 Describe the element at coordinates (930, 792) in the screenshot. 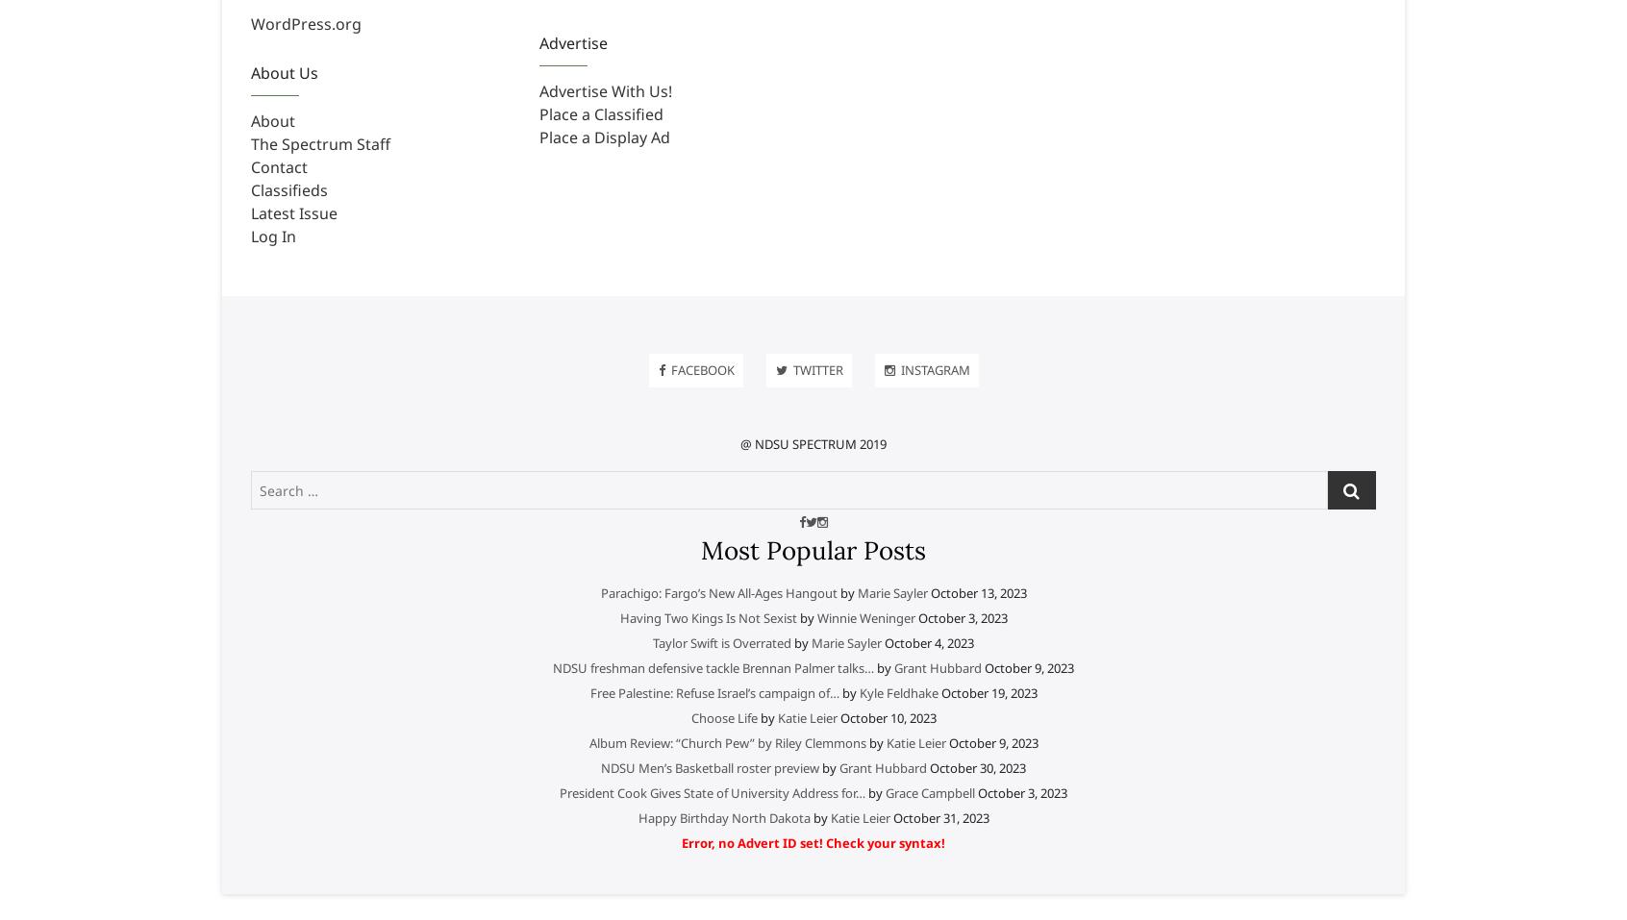

I see `'Grace Campbell'` at that location.